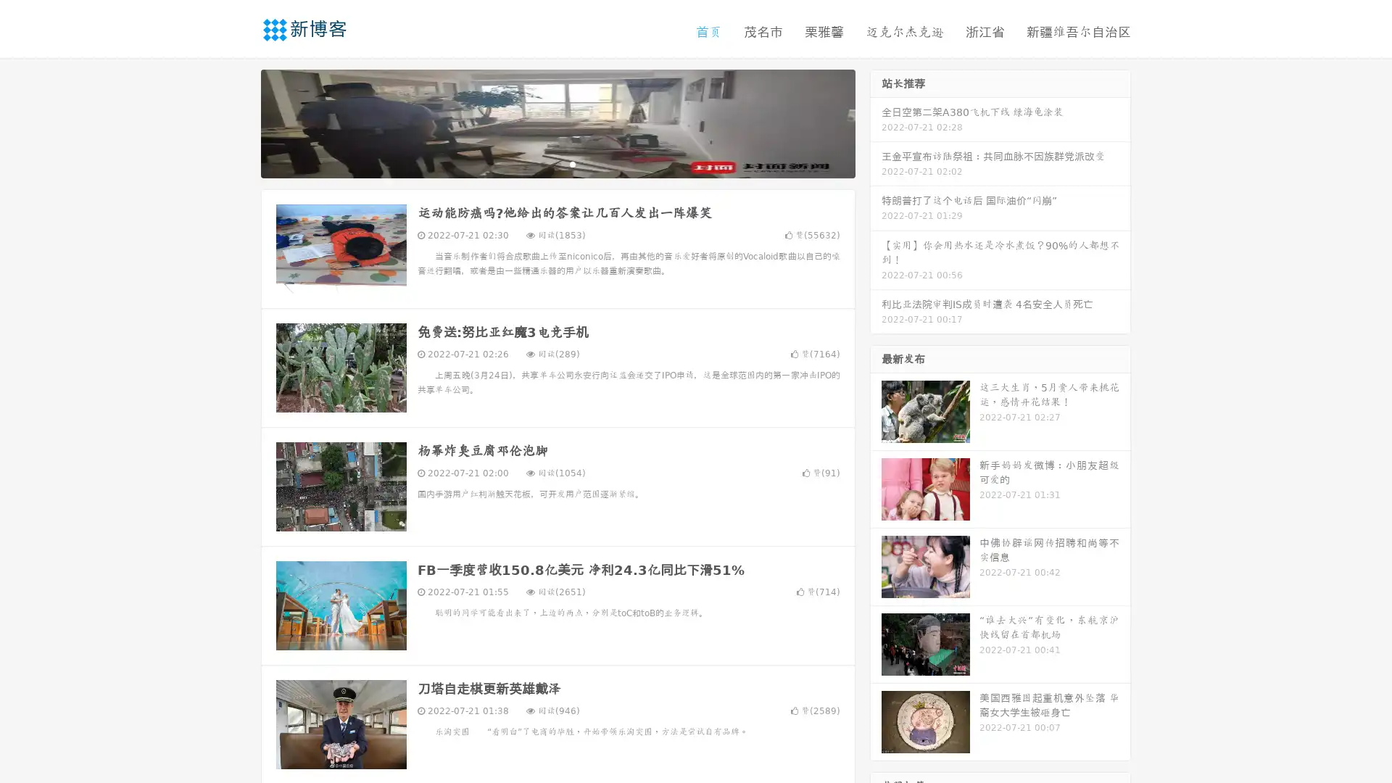  Describe the element at coordinates (239, 122) in the screenshot. I see `Previous slide` at that location.